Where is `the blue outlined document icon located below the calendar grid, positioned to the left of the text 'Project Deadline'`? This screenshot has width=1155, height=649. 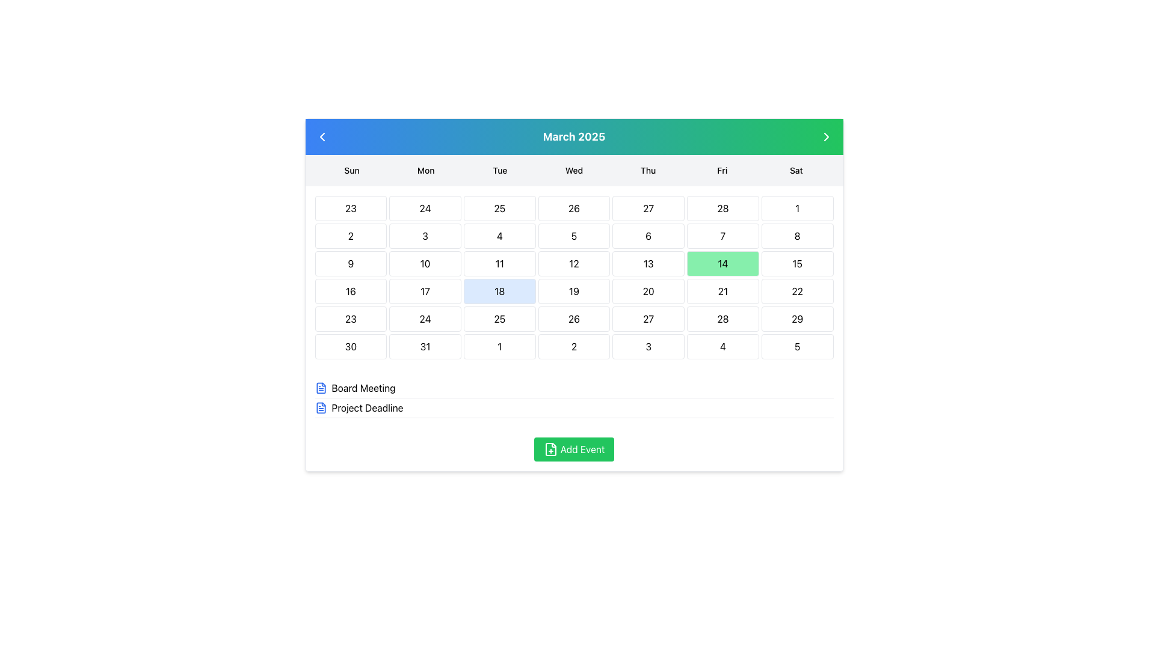
the blue outlined document icon located below the calendar grid, positioned to the left of the text 'Project Deadline' is located at coordinates (321, 388).